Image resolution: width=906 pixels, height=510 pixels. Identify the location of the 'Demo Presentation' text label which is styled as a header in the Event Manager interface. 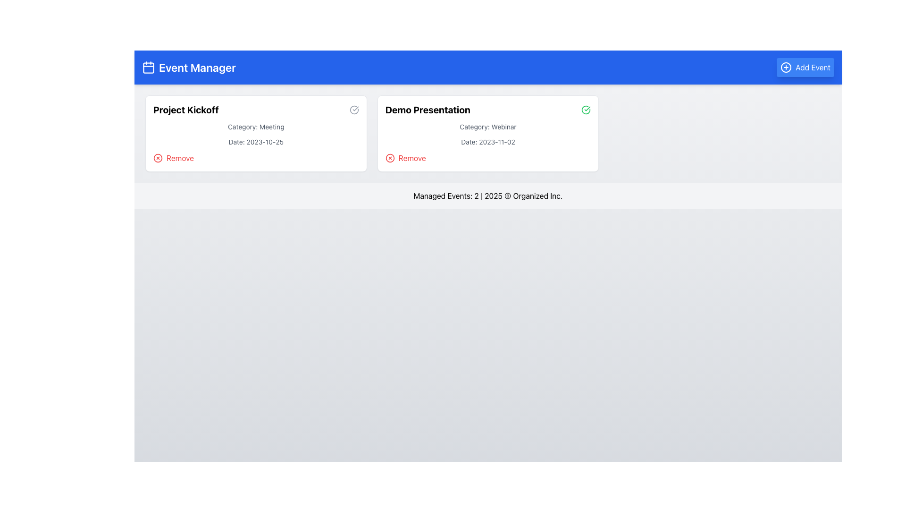
(427, 109).